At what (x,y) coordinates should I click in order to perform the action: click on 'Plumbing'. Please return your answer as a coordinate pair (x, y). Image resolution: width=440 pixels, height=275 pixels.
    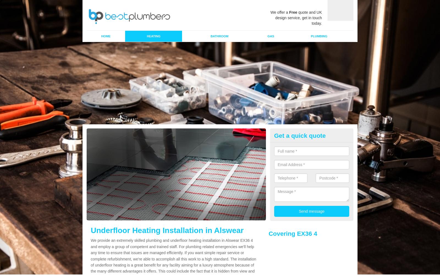
    Looking at the image, I should click on (319, 36).